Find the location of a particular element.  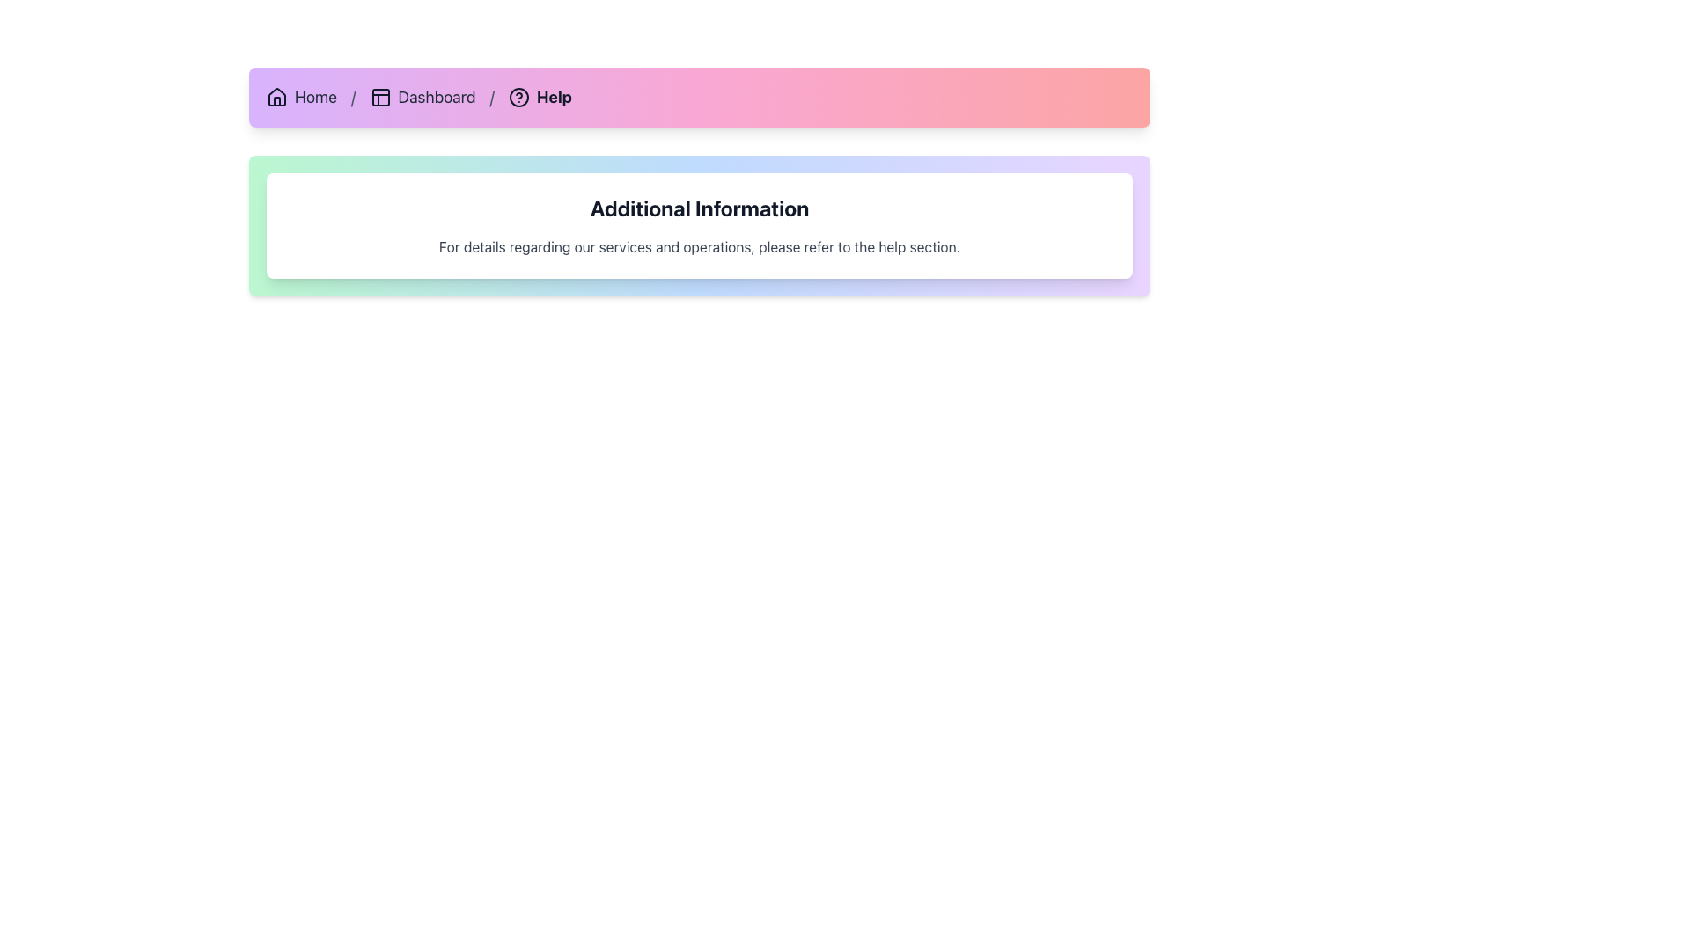

the 'Dashboard' text label, which is styled in gray and serves as a title or navigation item within the top navigation bar is located at coordinates (437, 98).